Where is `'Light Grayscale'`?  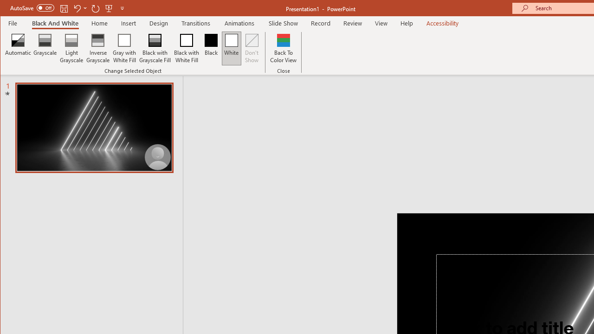
'Light Grayscale' is located at coordinates (71, 48).